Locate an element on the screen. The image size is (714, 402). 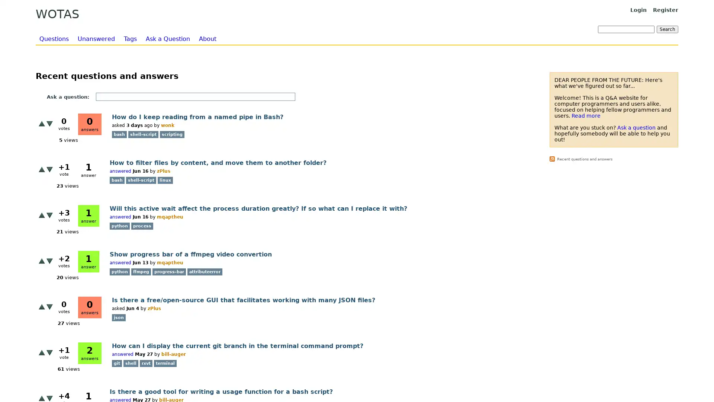
+ is located at coordinates (41, 261).